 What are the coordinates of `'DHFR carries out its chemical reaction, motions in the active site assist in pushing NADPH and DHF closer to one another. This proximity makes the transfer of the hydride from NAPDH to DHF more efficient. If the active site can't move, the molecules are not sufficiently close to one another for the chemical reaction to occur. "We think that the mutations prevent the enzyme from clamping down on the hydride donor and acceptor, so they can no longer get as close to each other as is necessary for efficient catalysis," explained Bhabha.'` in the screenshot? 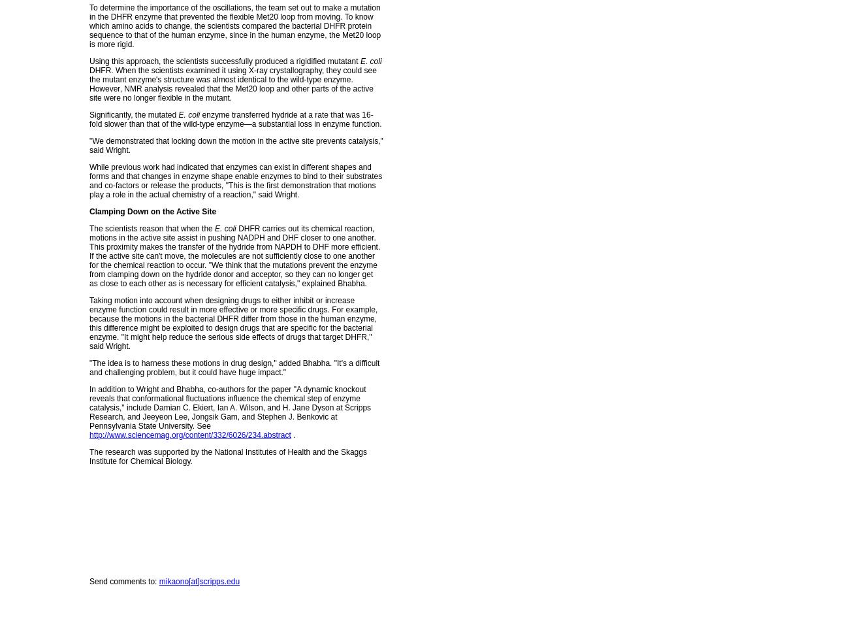 It's located at (234, 255).